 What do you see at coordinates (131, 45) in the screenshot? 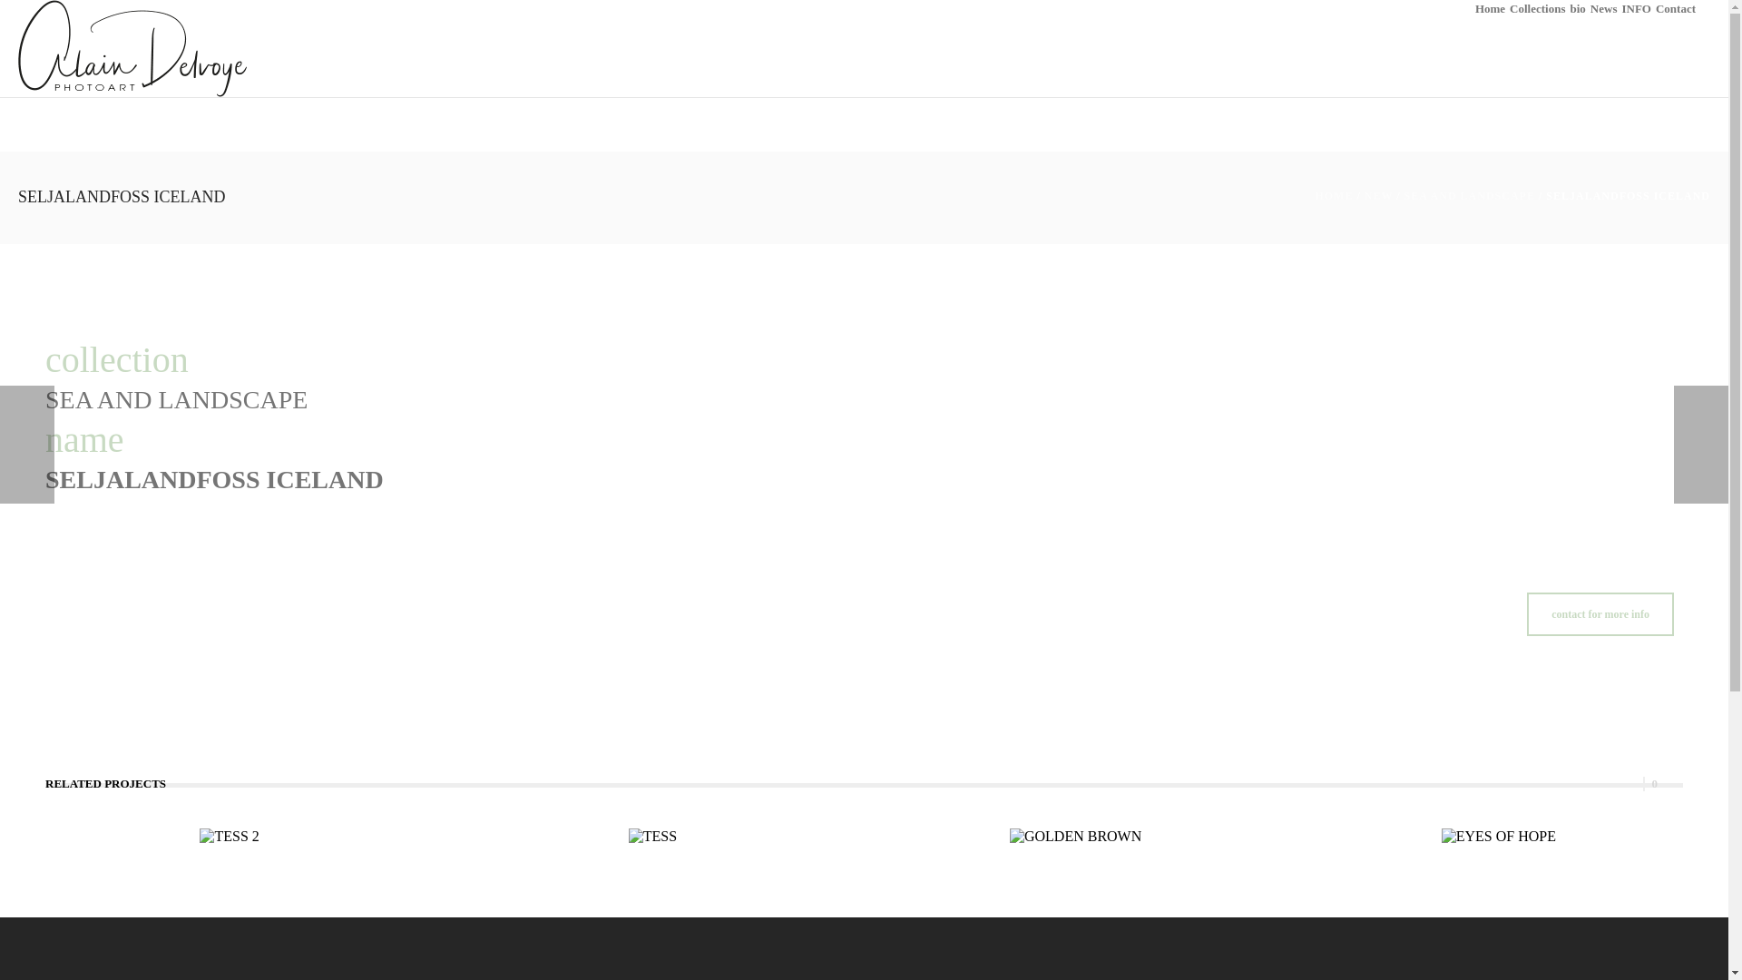
I see `'Alain Delvoye'` at bounding box center [131, 45].